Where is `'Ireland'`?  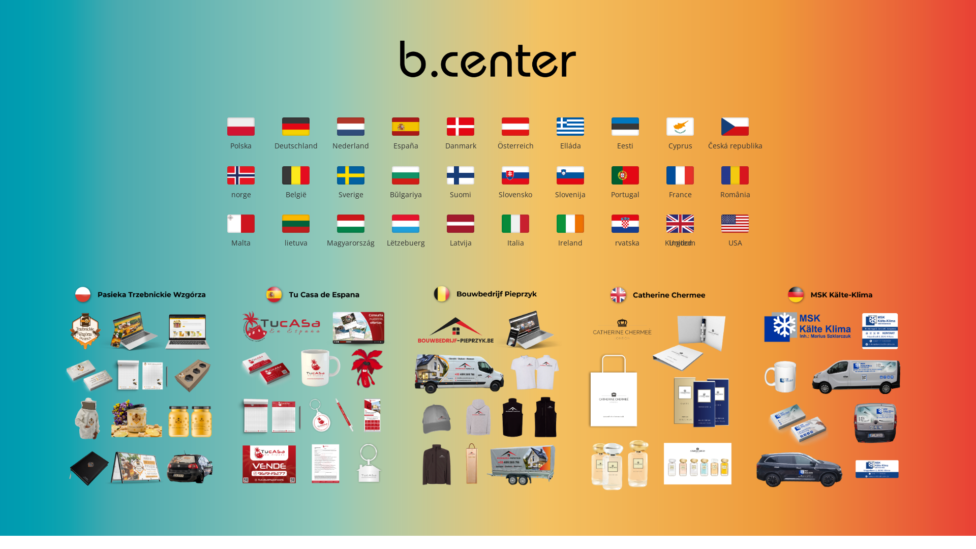 'Ireland' is located at coordinates (570, 242).